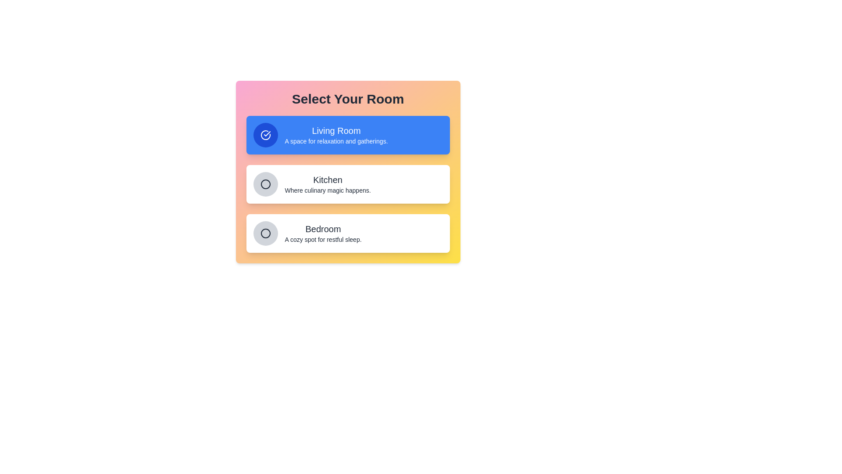 The image size is (842, 474). What do you see at coordinates (336, 135) in the screenshot?
I see `the Informational Text Block that provides the label and description for the 'Living Room' selection in the list of room options, located beneath the heading 'Select Your Room.'` at bounding box center [336, 135].